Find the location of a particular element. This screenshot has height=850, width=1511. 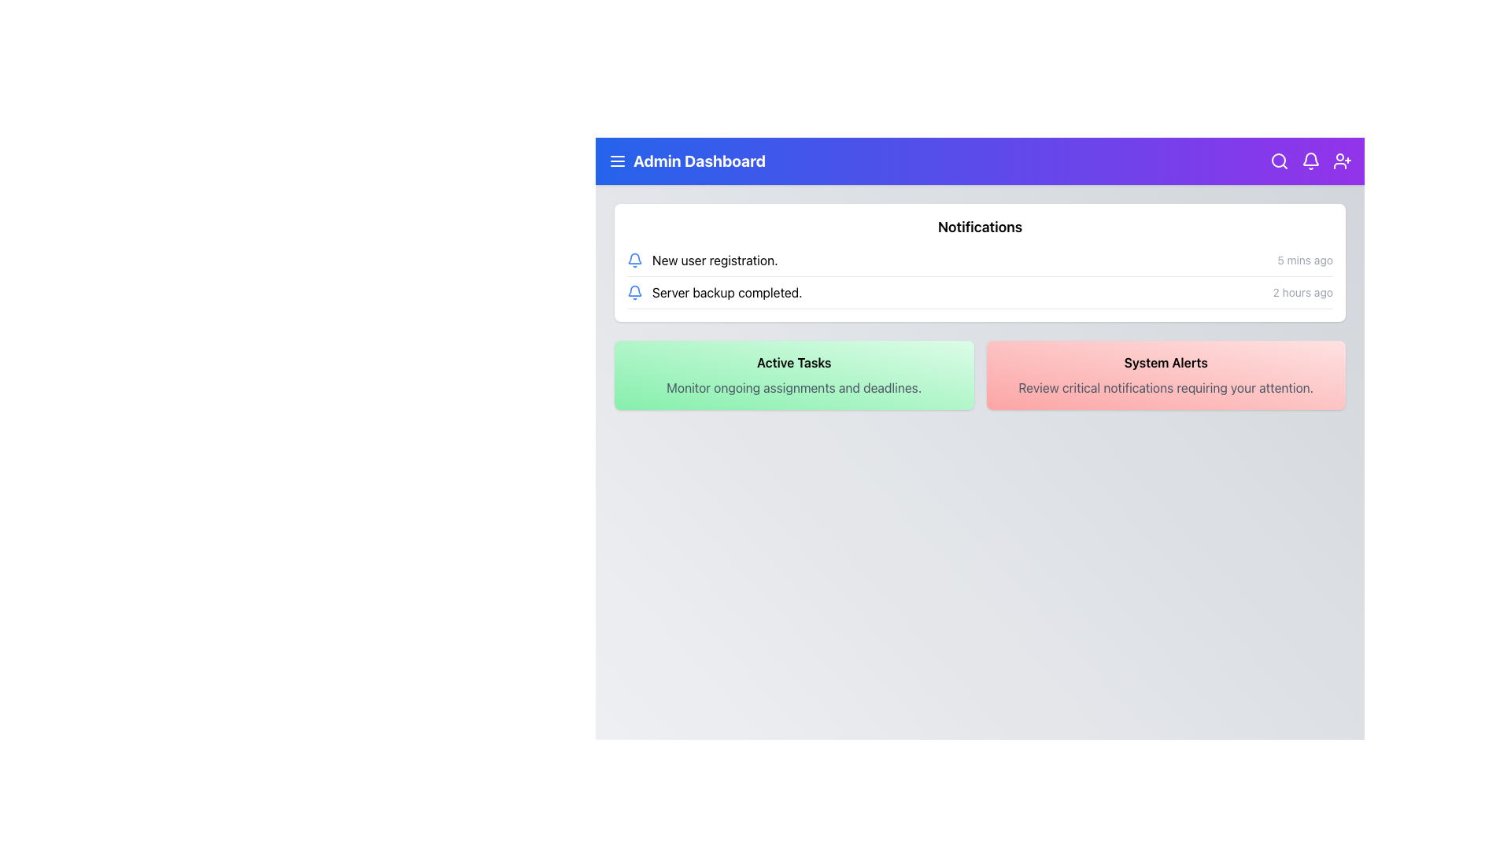

the menu icon with three horizontal lines on the left side of the blue banner to visualize its hover state is located at coordinates (617, 161).